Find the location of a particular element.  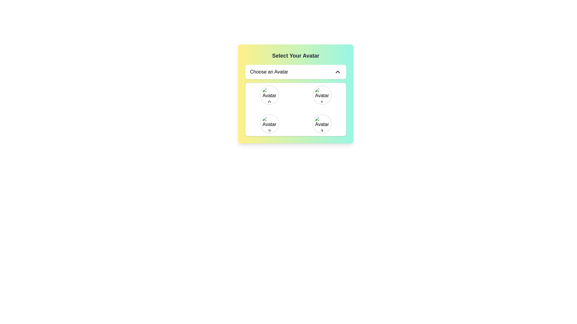

the 'Avatar 0' icon, which is a circular selectable avatar with a placeholder image and labeled beneath it. This icon is positioned at the top-left of the avatar selection grid under the header 'Select Your Avatar' is located at coordinates (269, 94).